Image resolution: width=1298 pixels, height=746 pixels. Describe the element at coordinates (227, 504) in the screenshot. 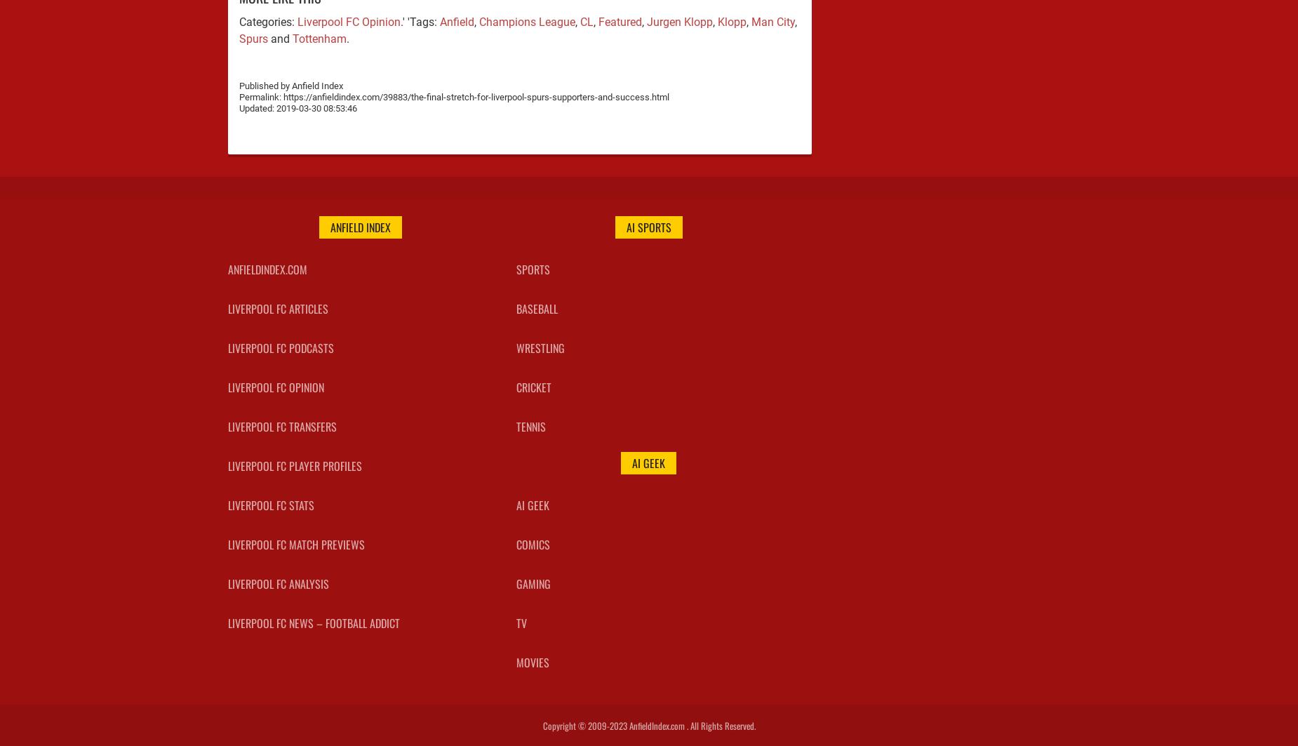

I see `'Liverpool FC Stats'` at that location.